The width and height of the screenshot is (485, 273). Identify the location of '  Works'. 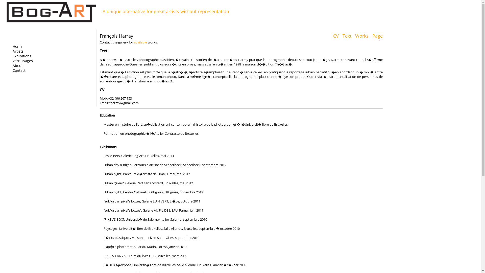
(352, 36).